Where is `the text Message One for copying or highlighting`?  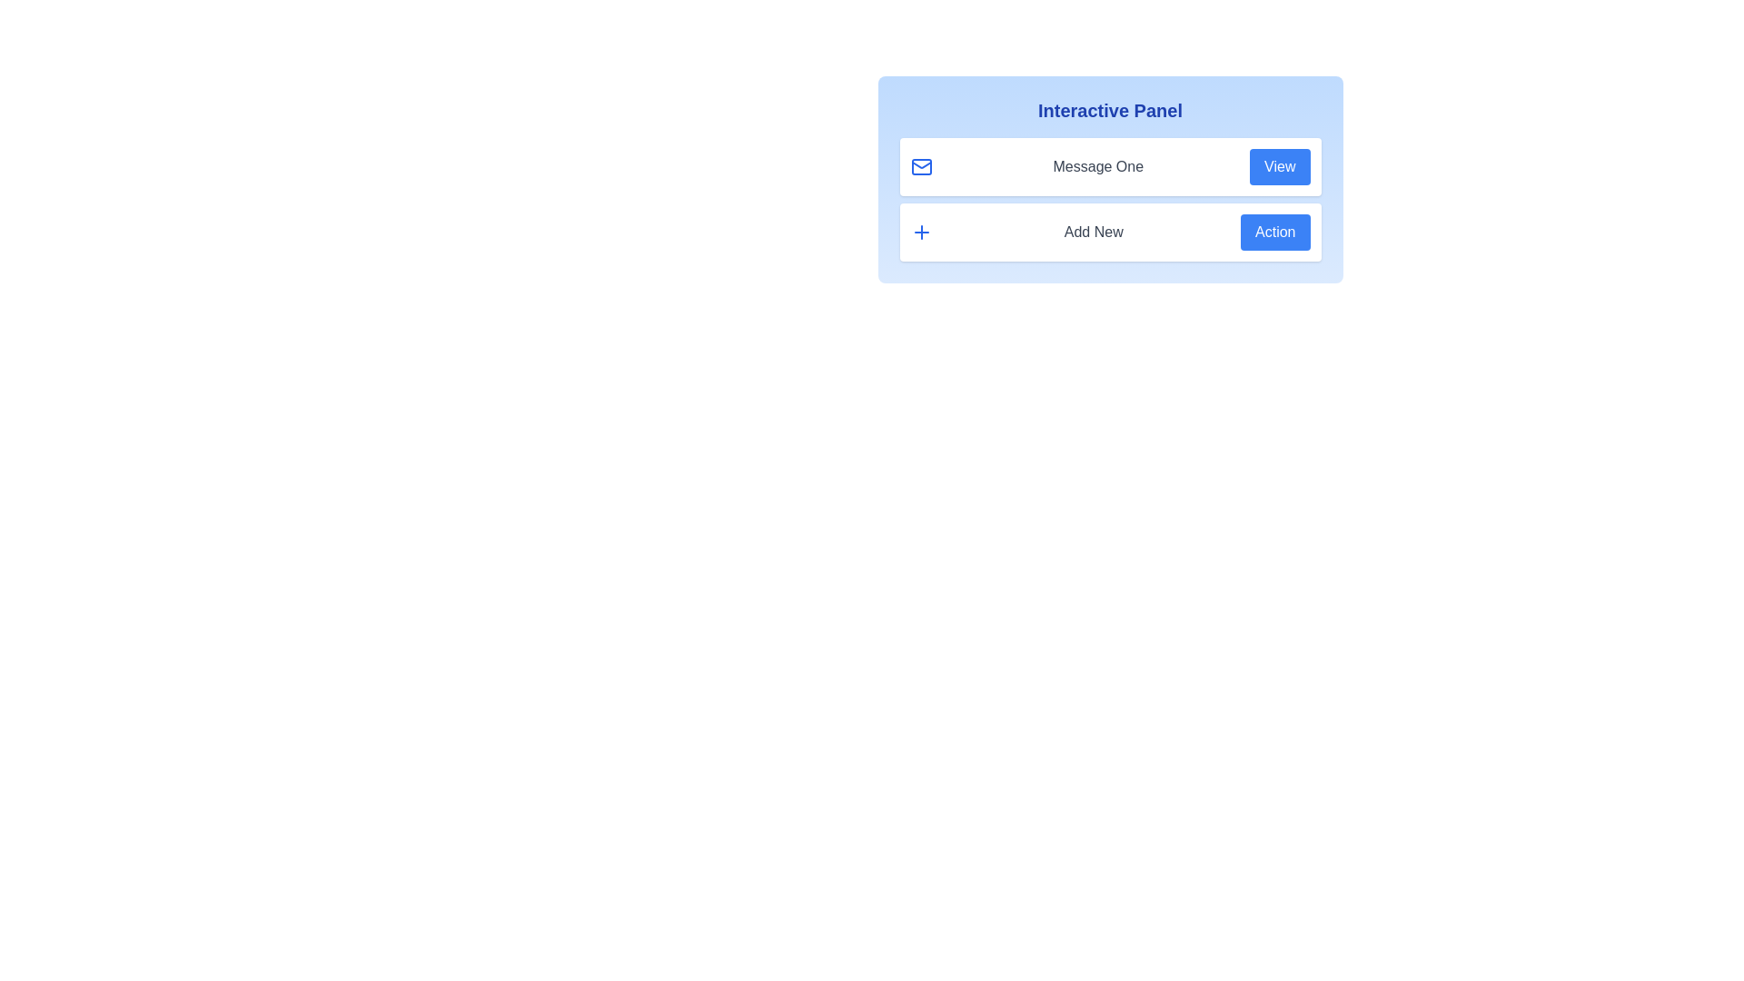
the text Message One for copying or highlighting is located at coordinates (1097, 167).